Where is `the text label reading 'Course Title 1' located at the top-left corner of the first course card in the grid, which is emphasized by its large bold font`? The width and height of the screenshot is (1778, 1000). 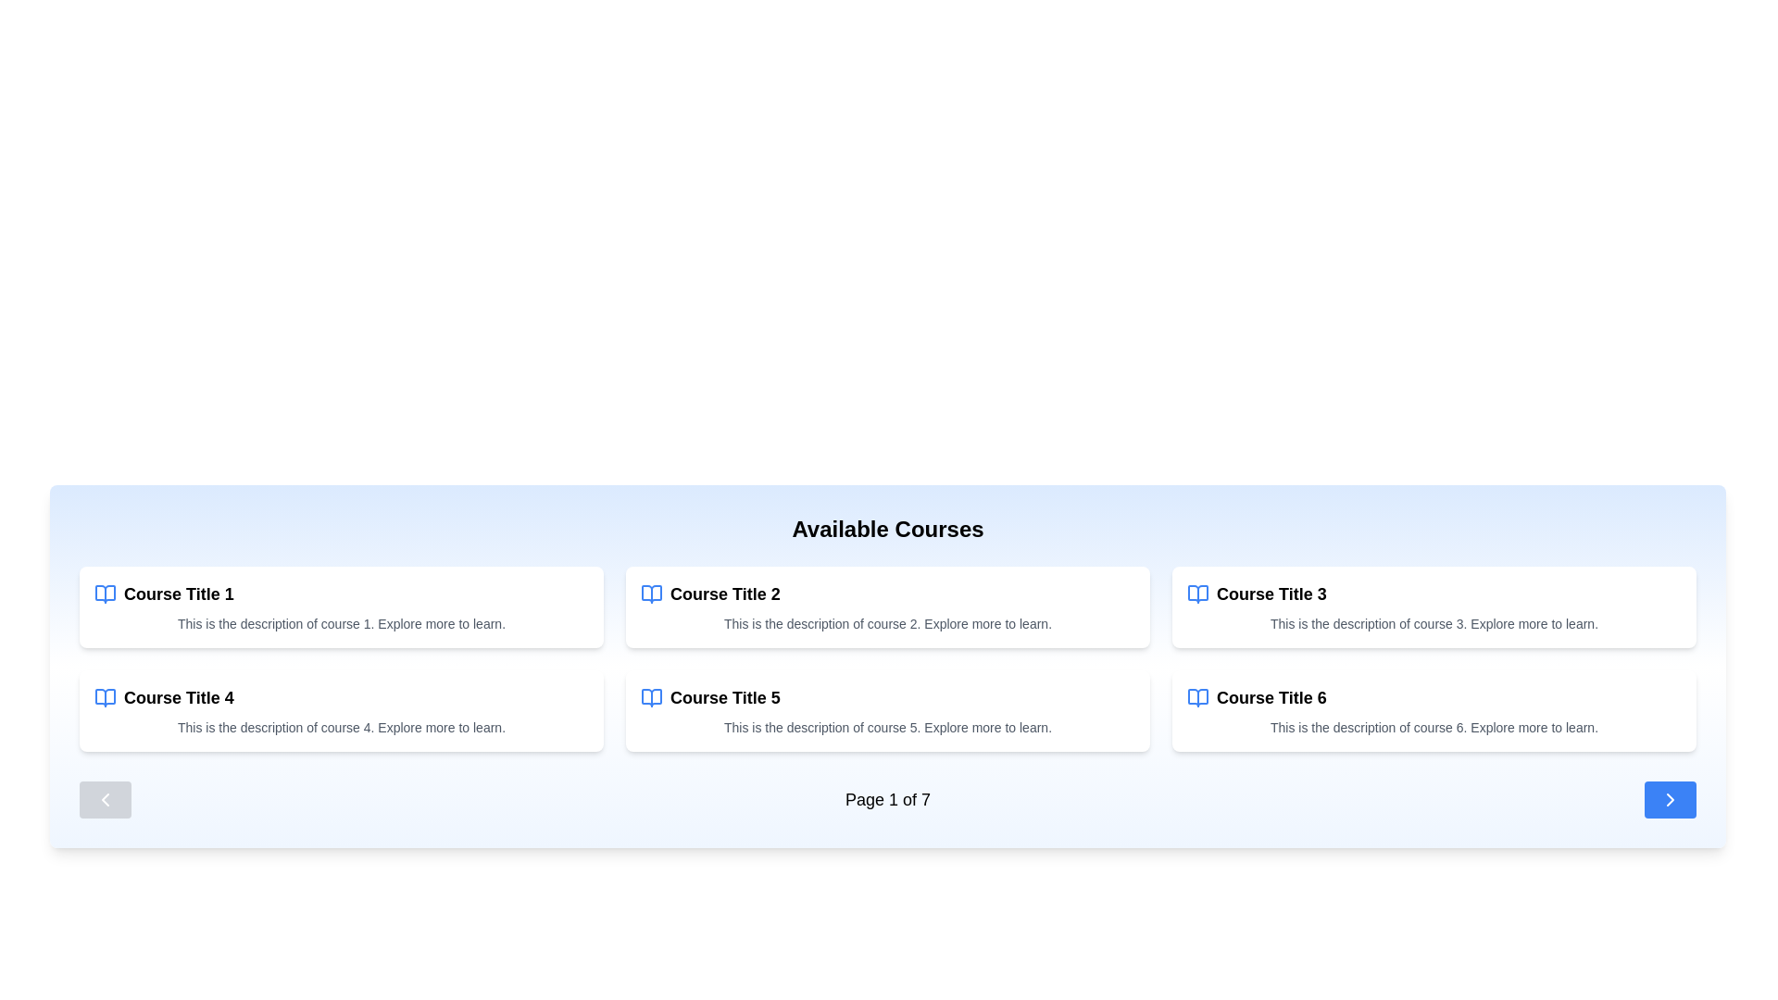
the text label reading 'Course Title 1' located at the top-left corner of the first course card in the grid, which is emphasized by its large bold font is located at coordinates (179, 594).